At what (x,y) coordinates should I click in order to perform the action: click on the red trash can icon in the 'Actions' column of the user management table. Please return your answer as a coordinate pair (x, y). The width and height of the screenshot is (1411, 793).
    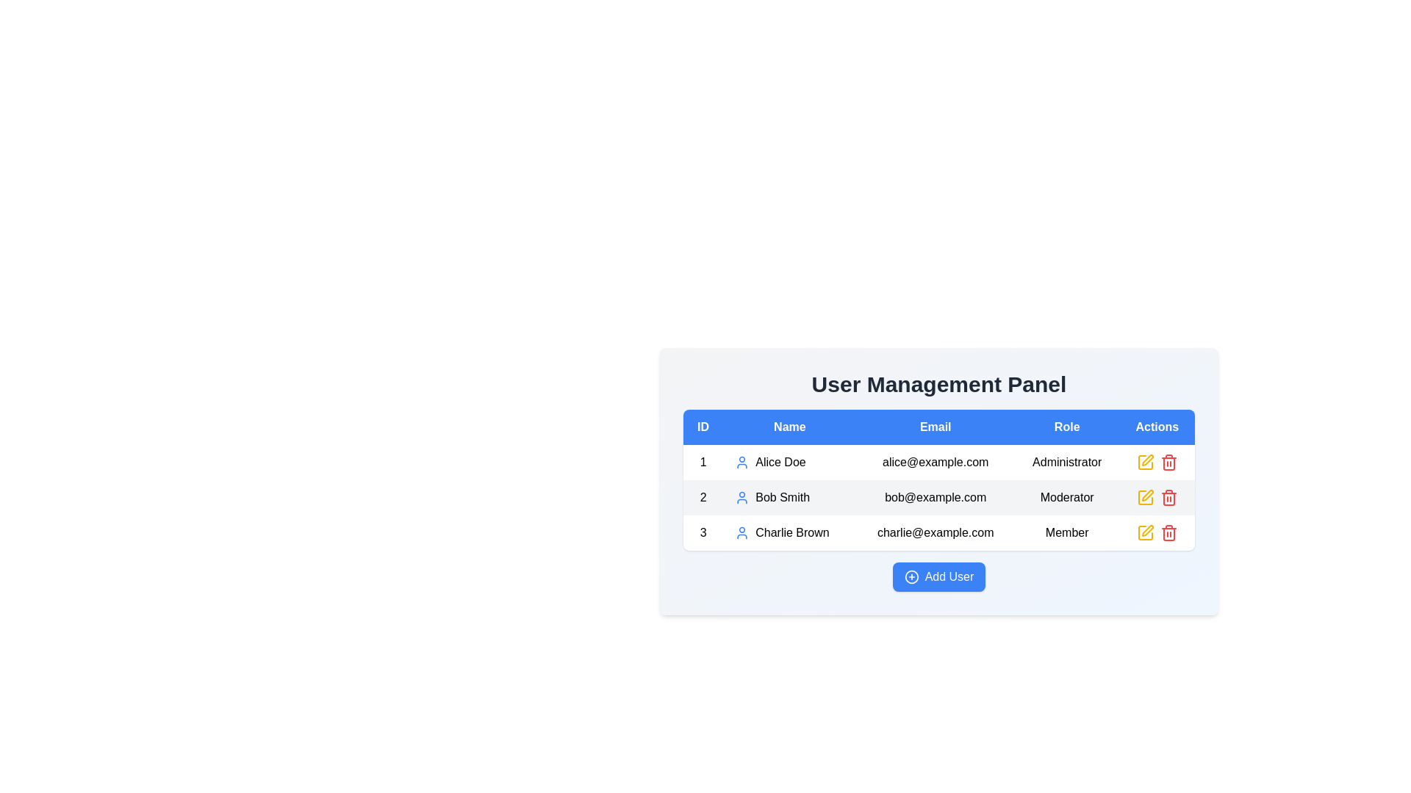
    Looking at the image, I should click on (1168, 532).